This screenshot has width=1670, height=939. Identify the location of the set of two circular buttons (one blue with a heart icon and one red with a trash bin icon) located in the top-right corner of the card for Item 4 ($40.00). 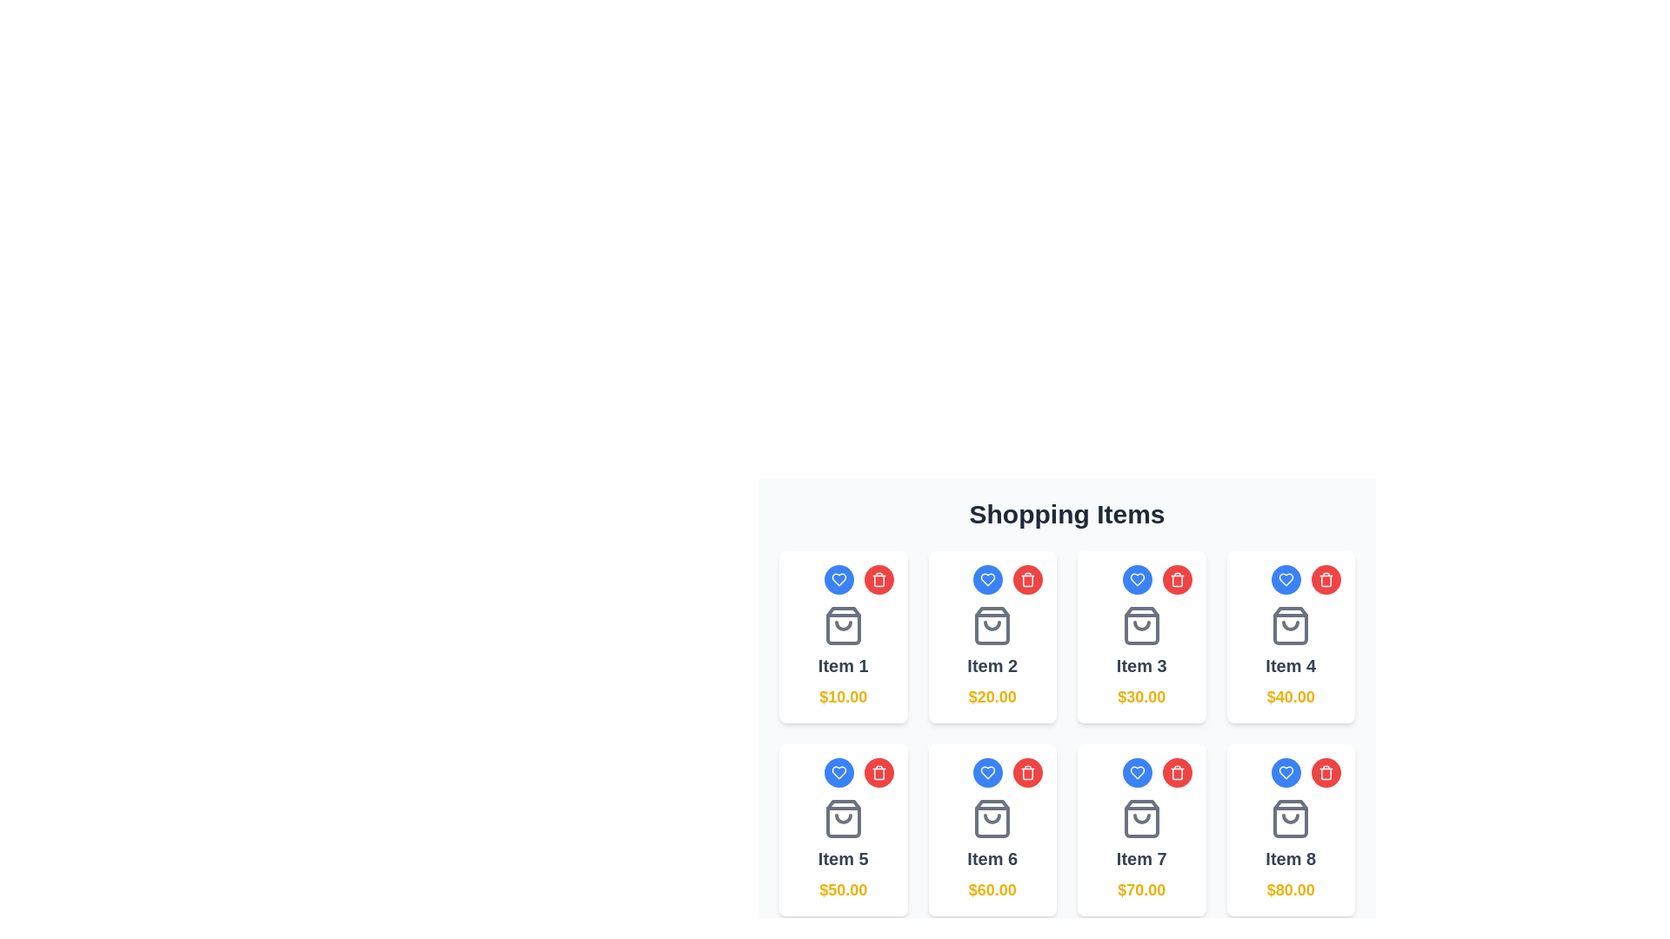
(1291, 580).